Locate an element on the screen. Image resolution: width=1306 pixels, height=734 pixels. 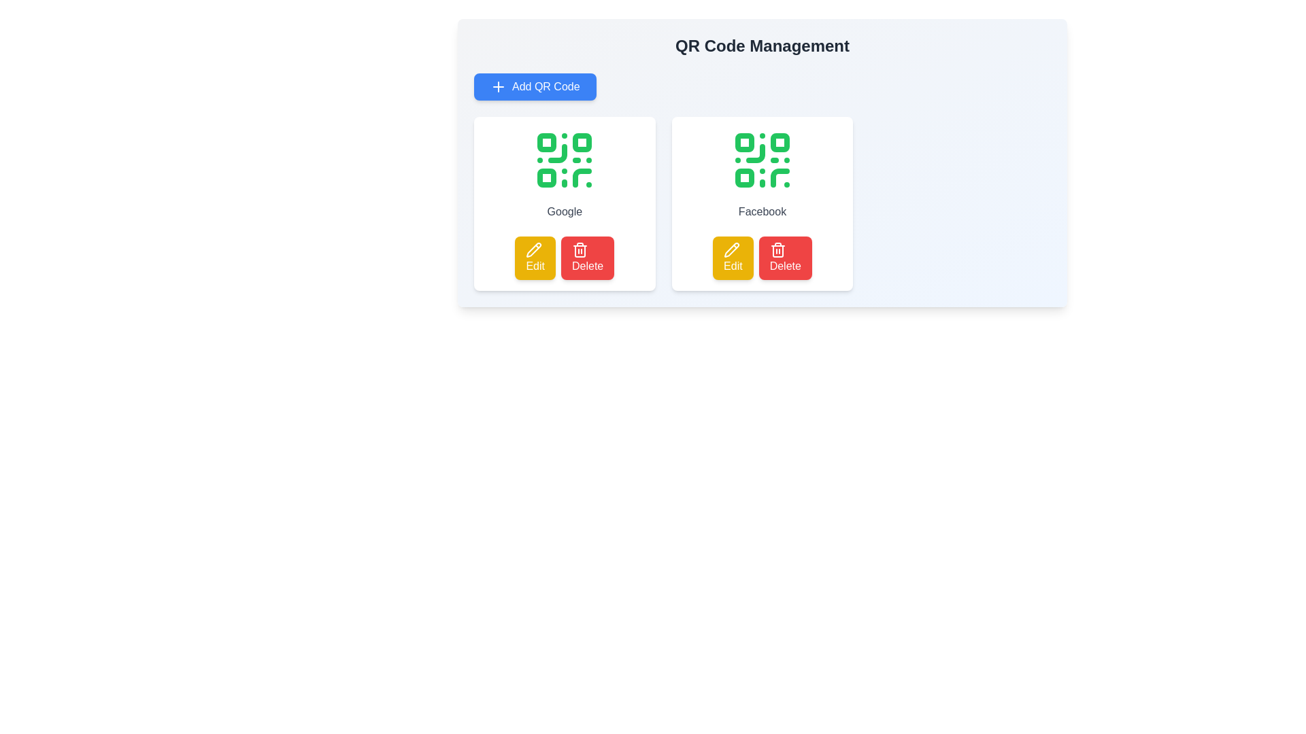
text label displaying 'Google' located in the top-left quadrant of the user interface, beneath the green QR code icon and above the 'Edit' and 'Delete' buttons is located at coordinates (565, 212).